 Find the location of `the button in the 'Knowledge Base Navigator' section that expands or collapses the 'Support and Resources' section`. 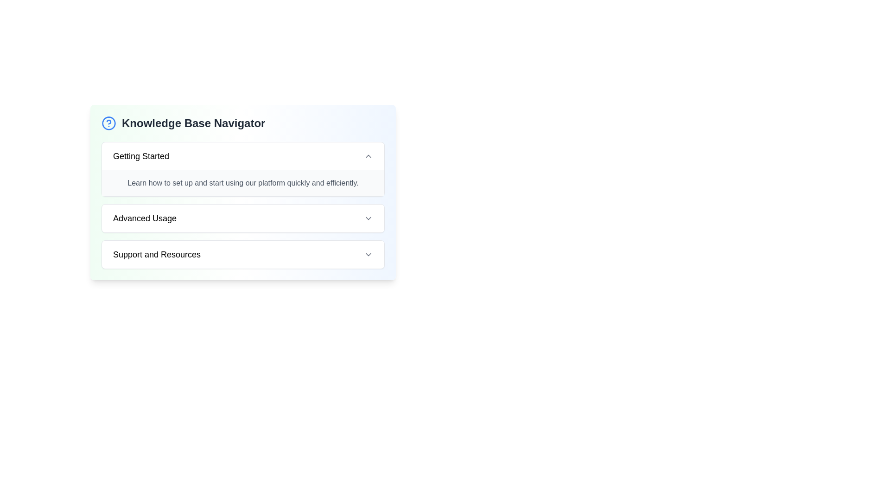

the button in the 'Knowledge Base Navigator' section that expands or collapses the 'Support and Resources' section is located at coordinates (243, 254).